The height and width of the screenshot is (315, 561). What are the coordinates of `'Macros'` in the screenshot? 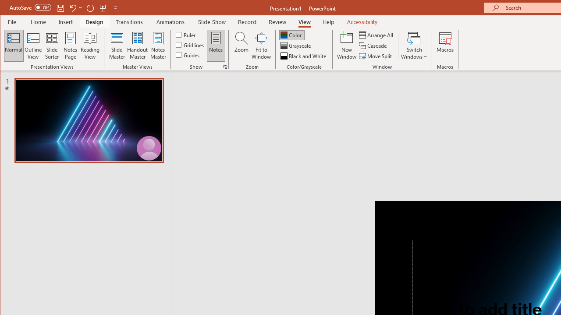 It's located at (445, 45).